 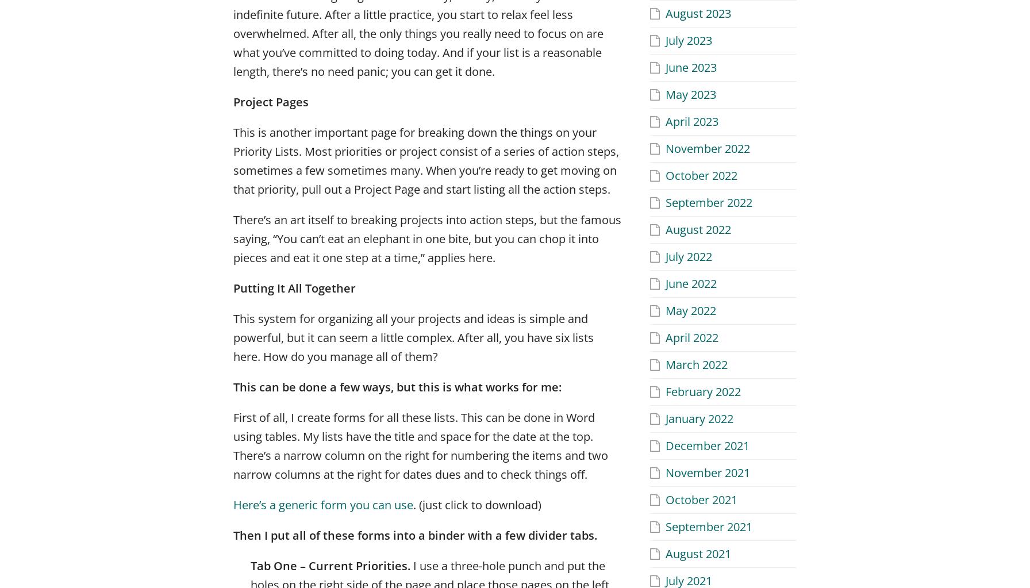 What do you see at coordinates (417, 534) in the screenshot?
I see `'Then I put all of these forms into a binder with a few divider tabs.'` at bounding box center [417, 534].